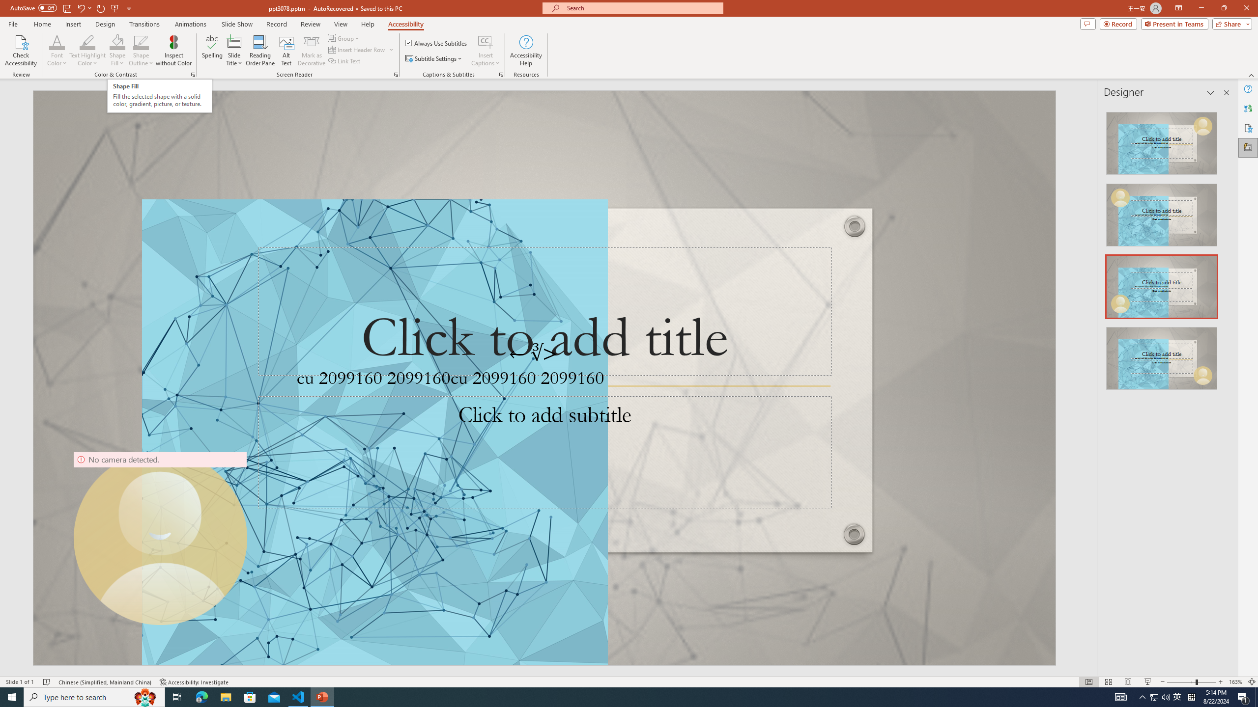 This screenshot has width=1258, height=707. I want to click on 'Link Text', so click(344, 60).